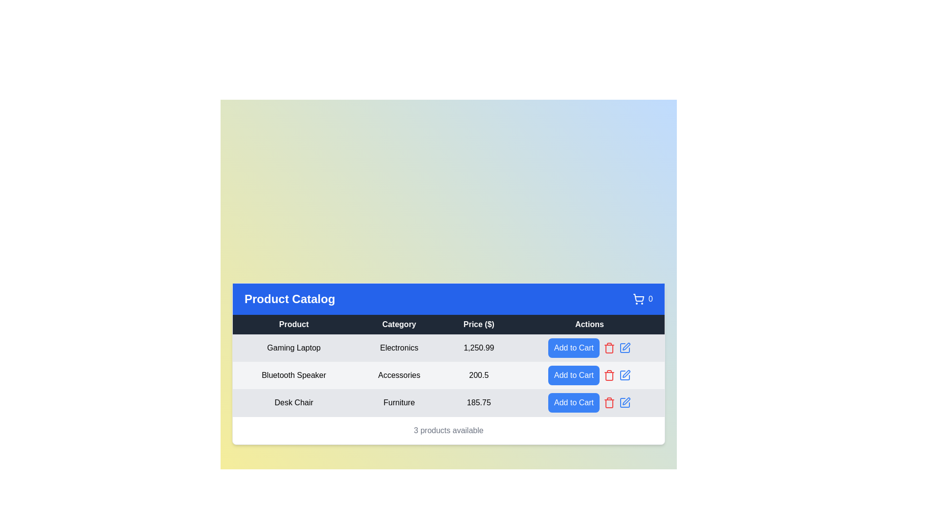  What do you see at coordinates (624, 402) in the screenshot?
I see `the decorative SVG icon located in the Actions column of the last row in the product table` at bounding box center [624, 402].